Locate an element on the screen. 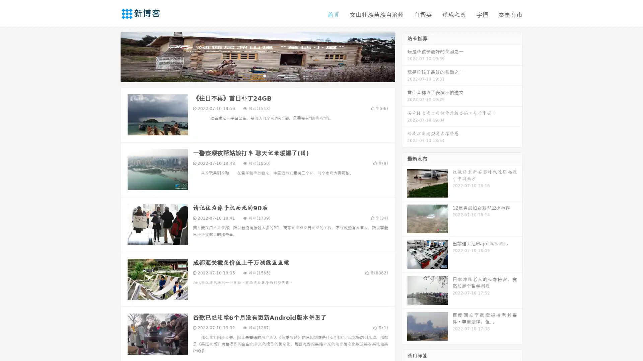 The image size is (643, 361). Go to slide 3 is located at coordinates (264, 75).